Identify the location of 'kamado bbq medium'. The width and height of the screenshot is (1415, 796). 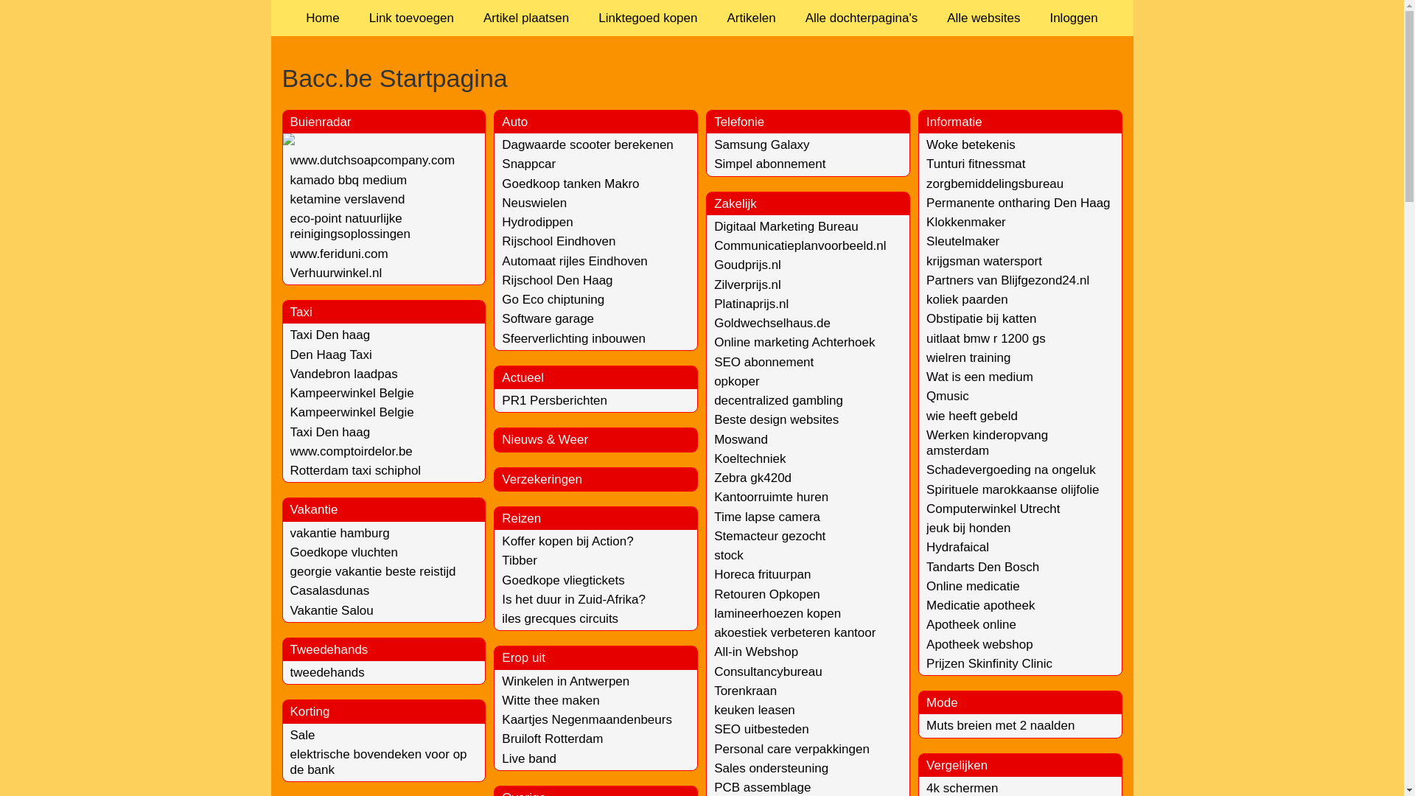
(348, 179).